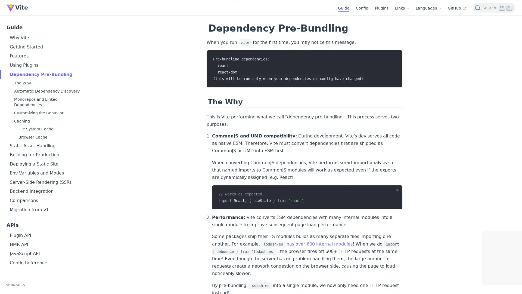 The height and width of the screenshot is (294, 522). Describe the element at coordinates (402, 8) in the screenshot. I see `Links` at that location.